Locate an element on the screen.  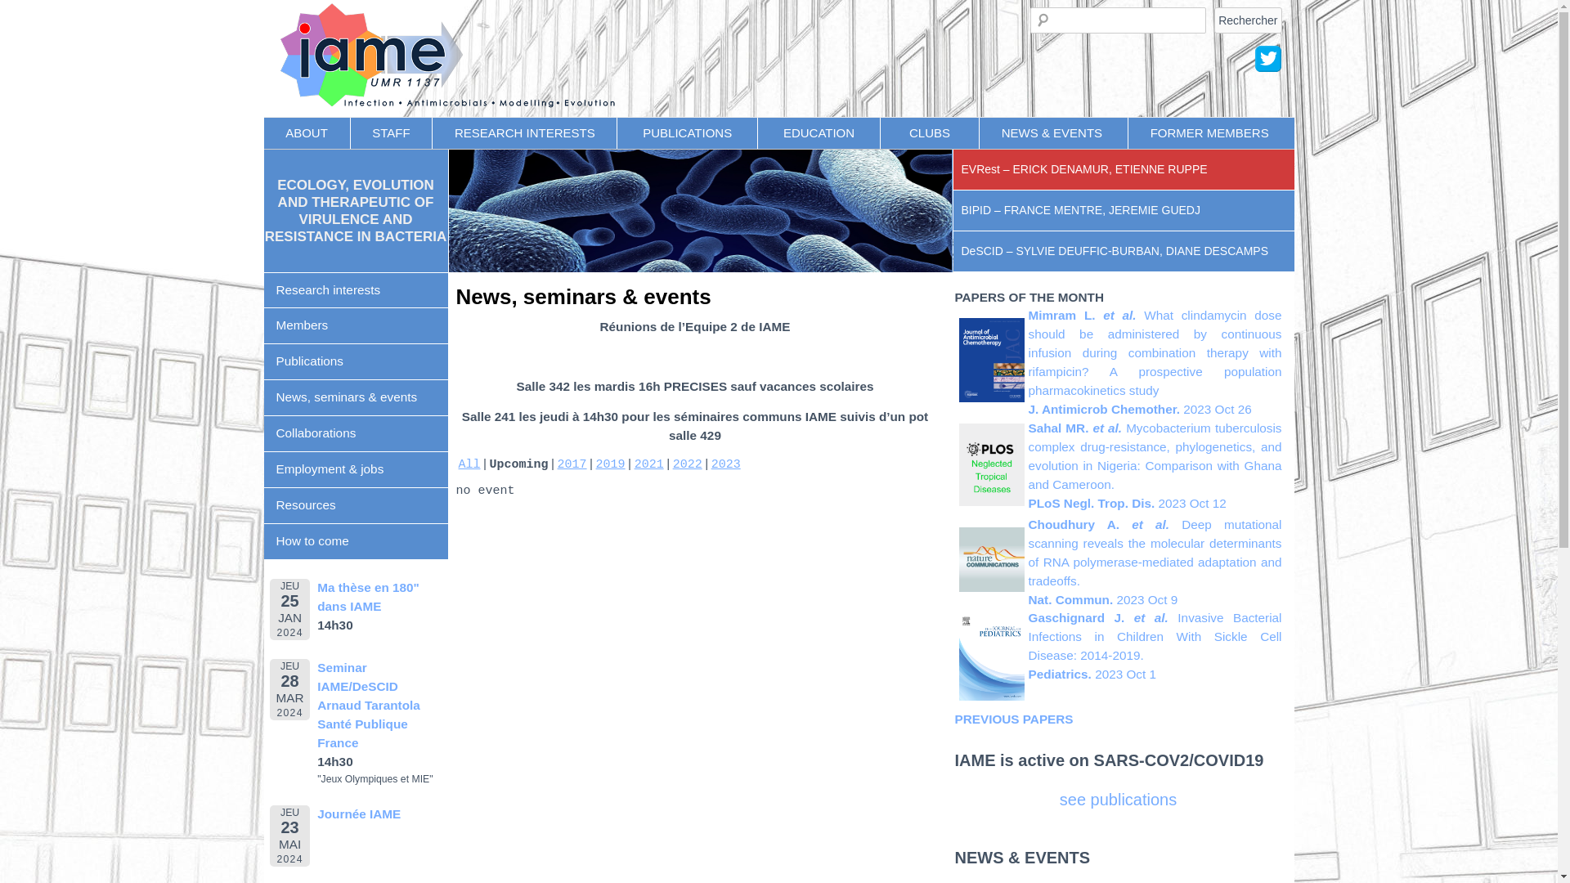
'2019' is located at coordinates (595, 464).